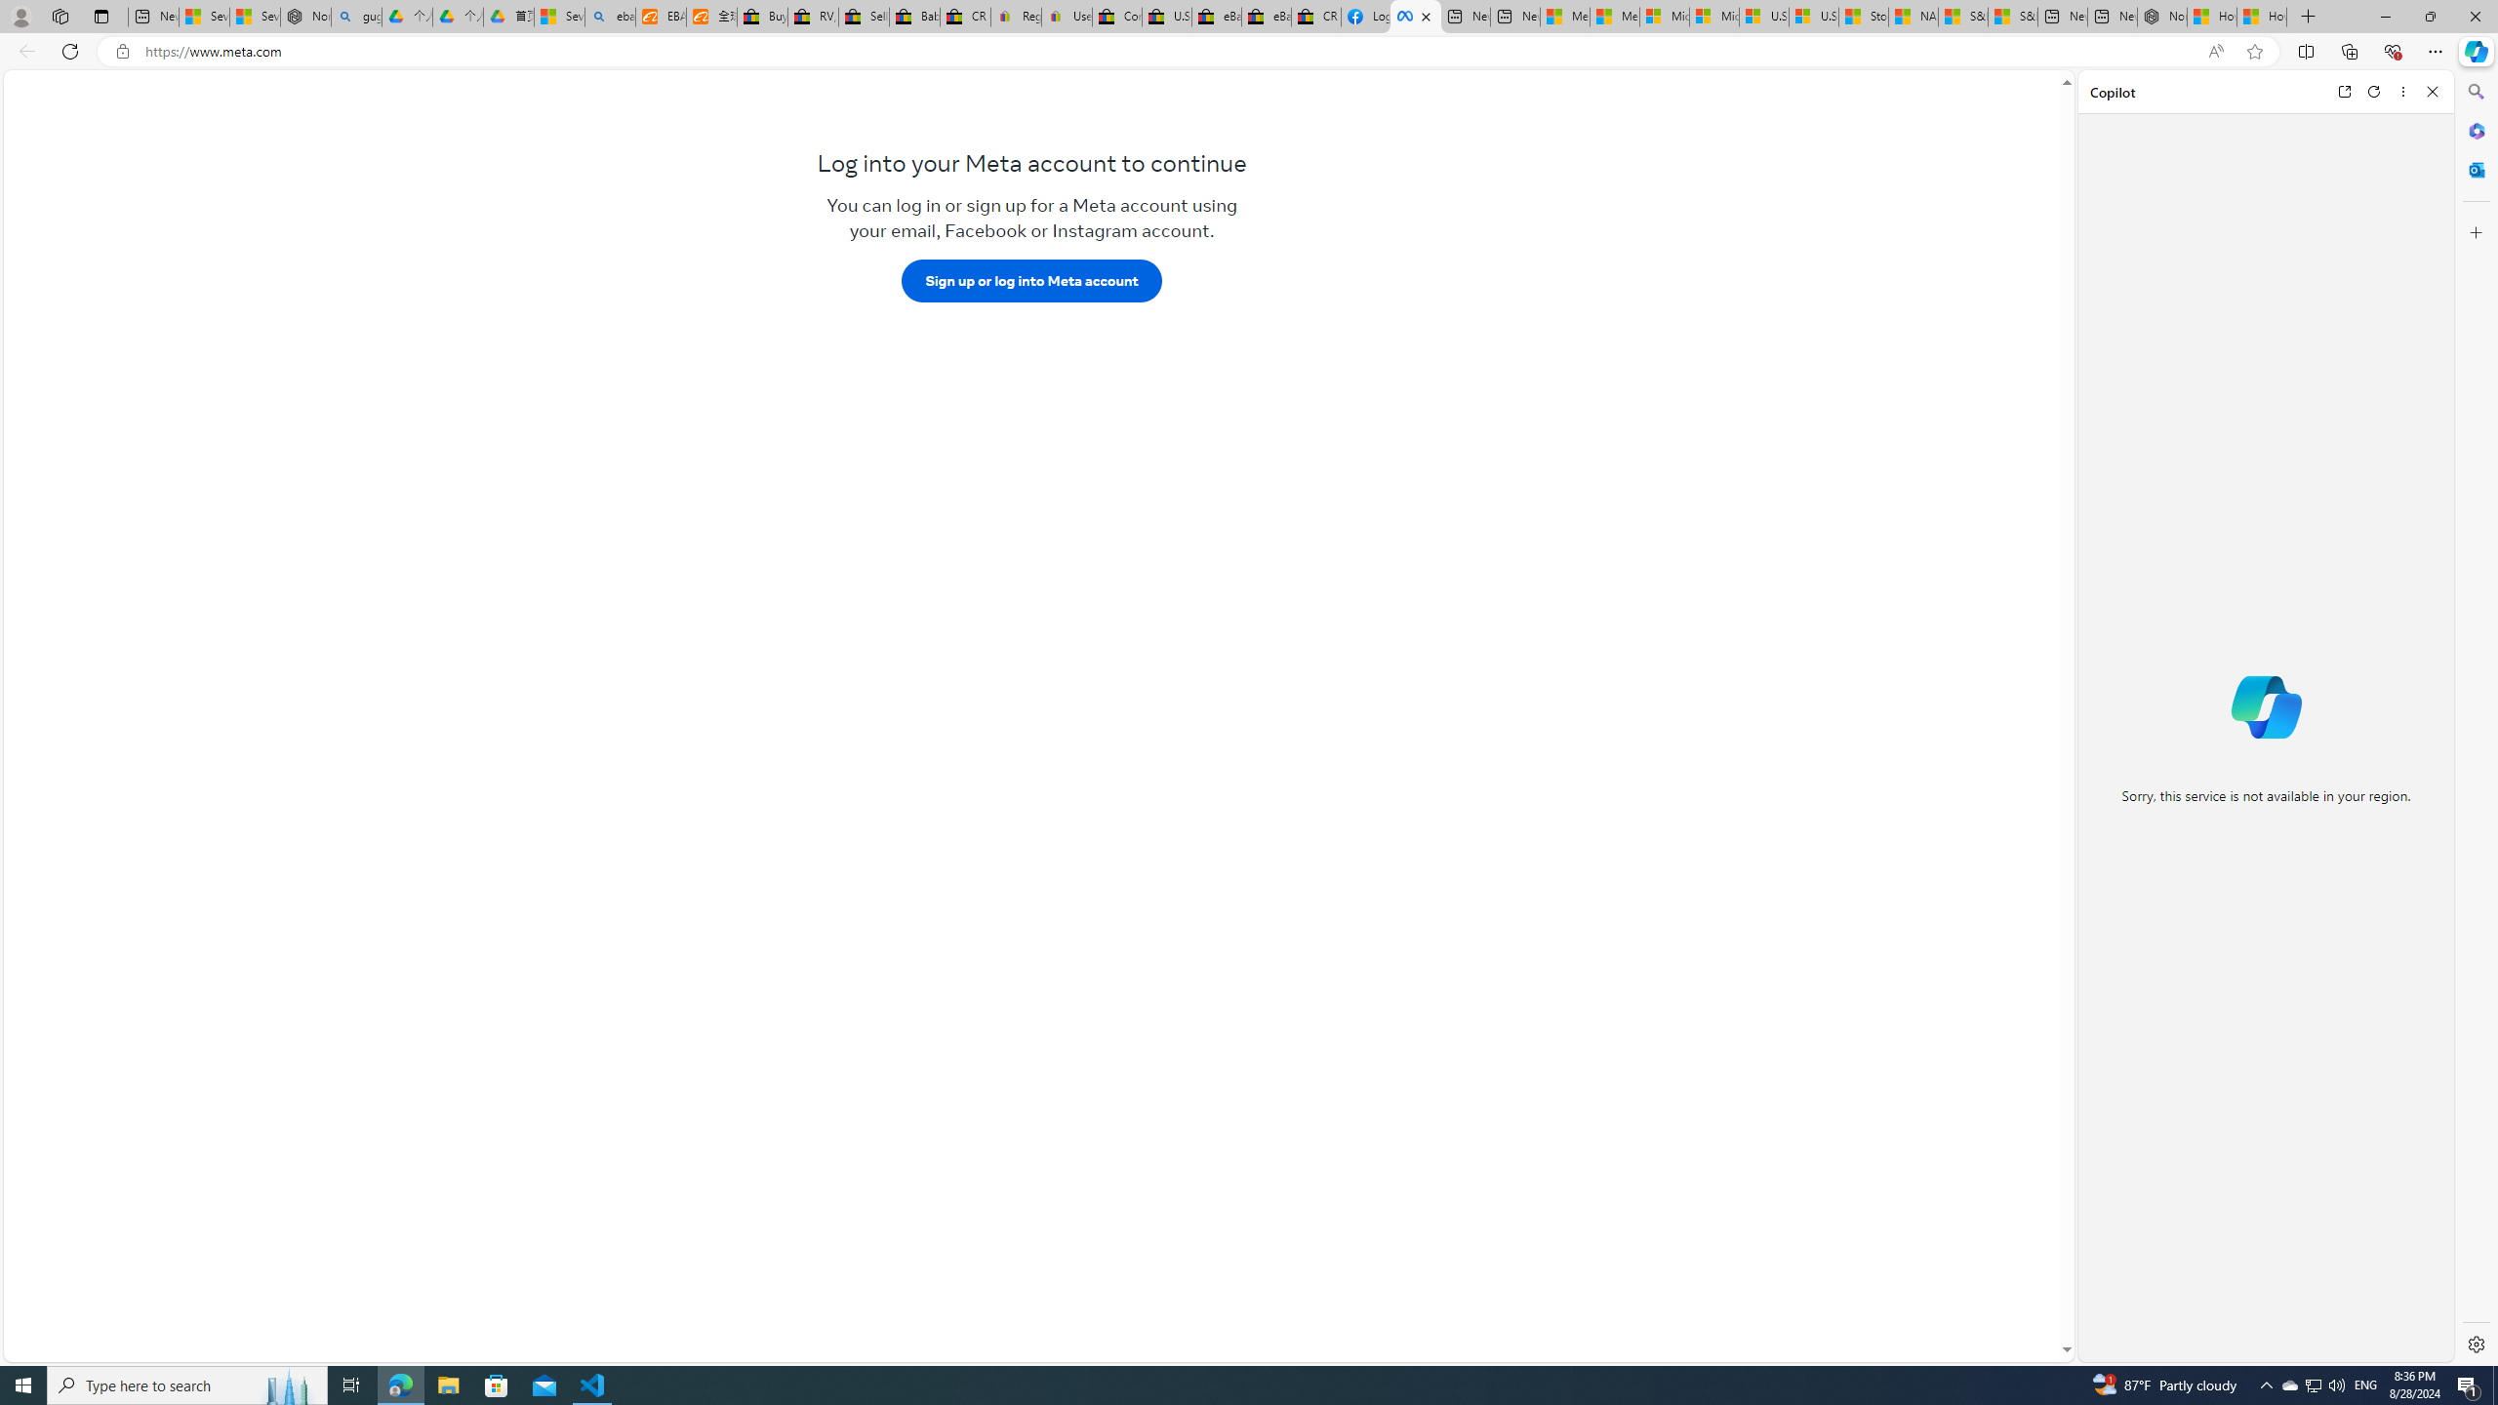  Describe the element at coordinates (2476, 717) in the screenshot. I see `'Side bar'` at that location.